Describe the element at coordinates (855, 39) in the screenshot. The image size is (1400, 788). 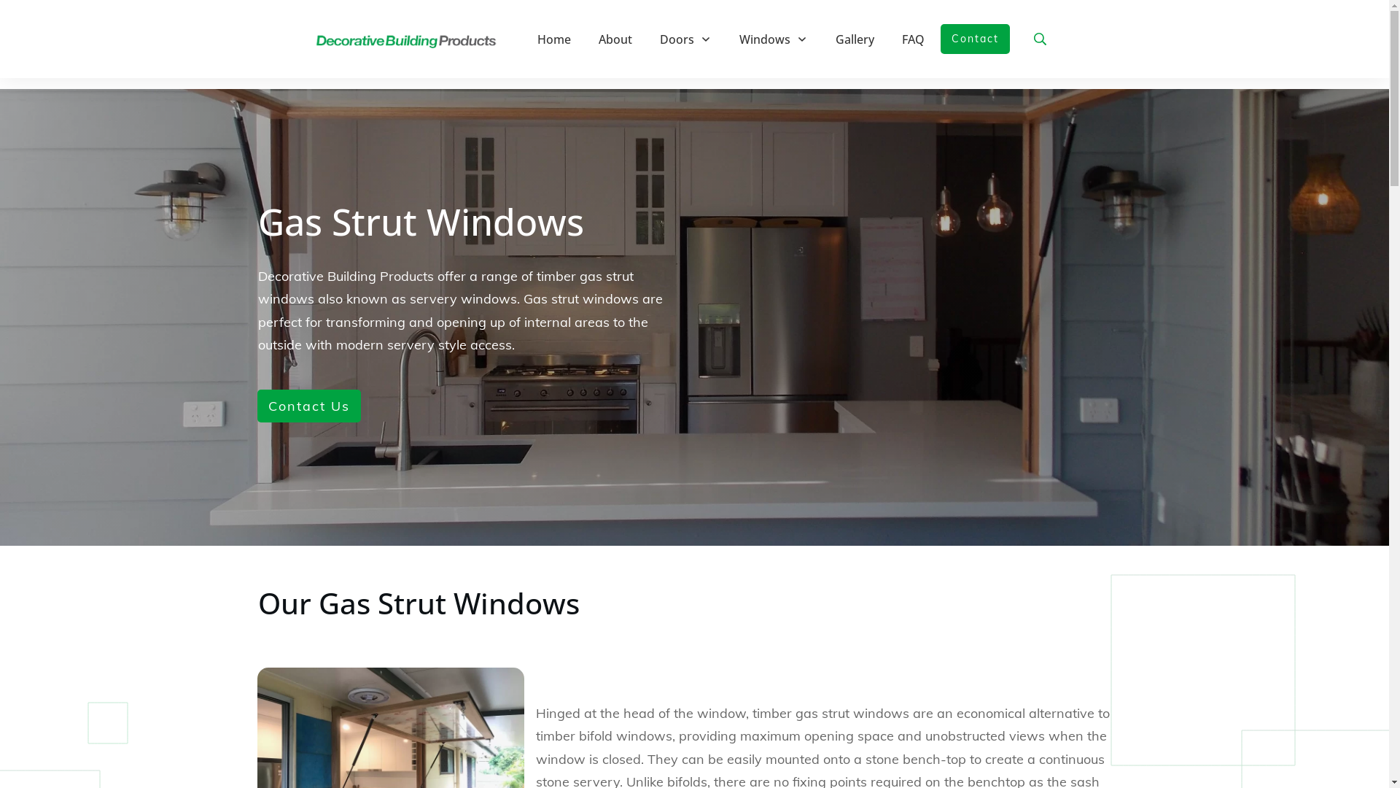
I see `'Gallery'` at that location.